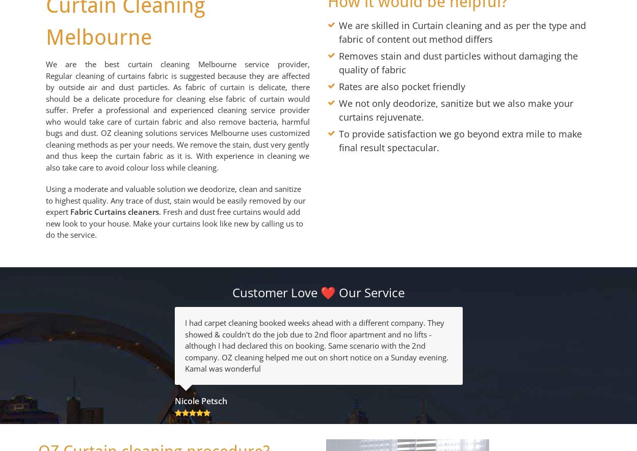 The width and height of the screenshot is (637, 451). I want to click on 'I had carpet cleaning booked weeks ahead with a different company. They showed & couldn't do the job due to 2nd floor apartment and', so click(313, 328).